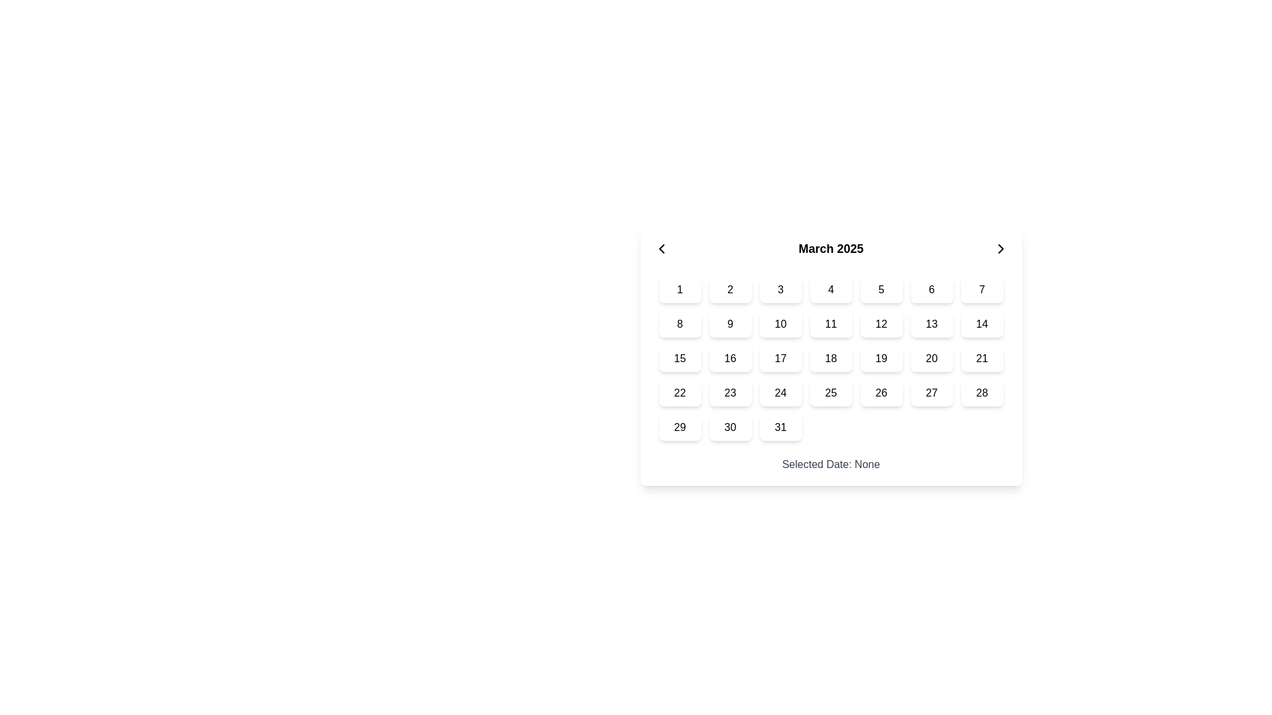  Describe the element at coordinates (931, 393) in the screenshot. I see `the small rectangular button with rounded corners, displaying the number '27' in bold, located in the last row and sixth column of the monthly calendar grid` at that location.